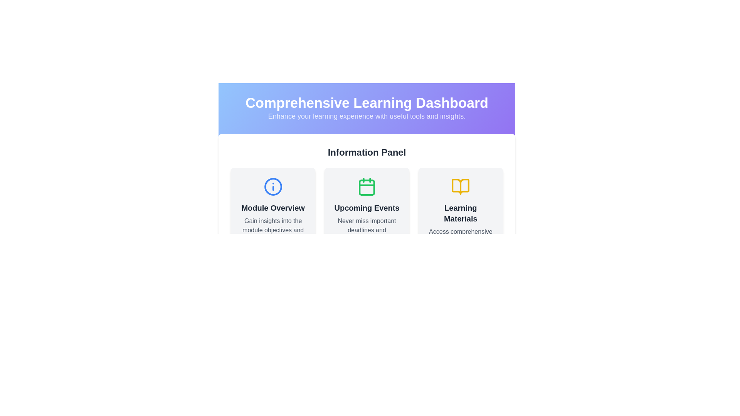 Image resolution: width=740 pixels, height=416 pixels. Describe the element at coordinates (273, 230) in the screenshot. I see `the Static Text element located below 'Module Overview' in the leftmost card of the Information Panel` at that location.